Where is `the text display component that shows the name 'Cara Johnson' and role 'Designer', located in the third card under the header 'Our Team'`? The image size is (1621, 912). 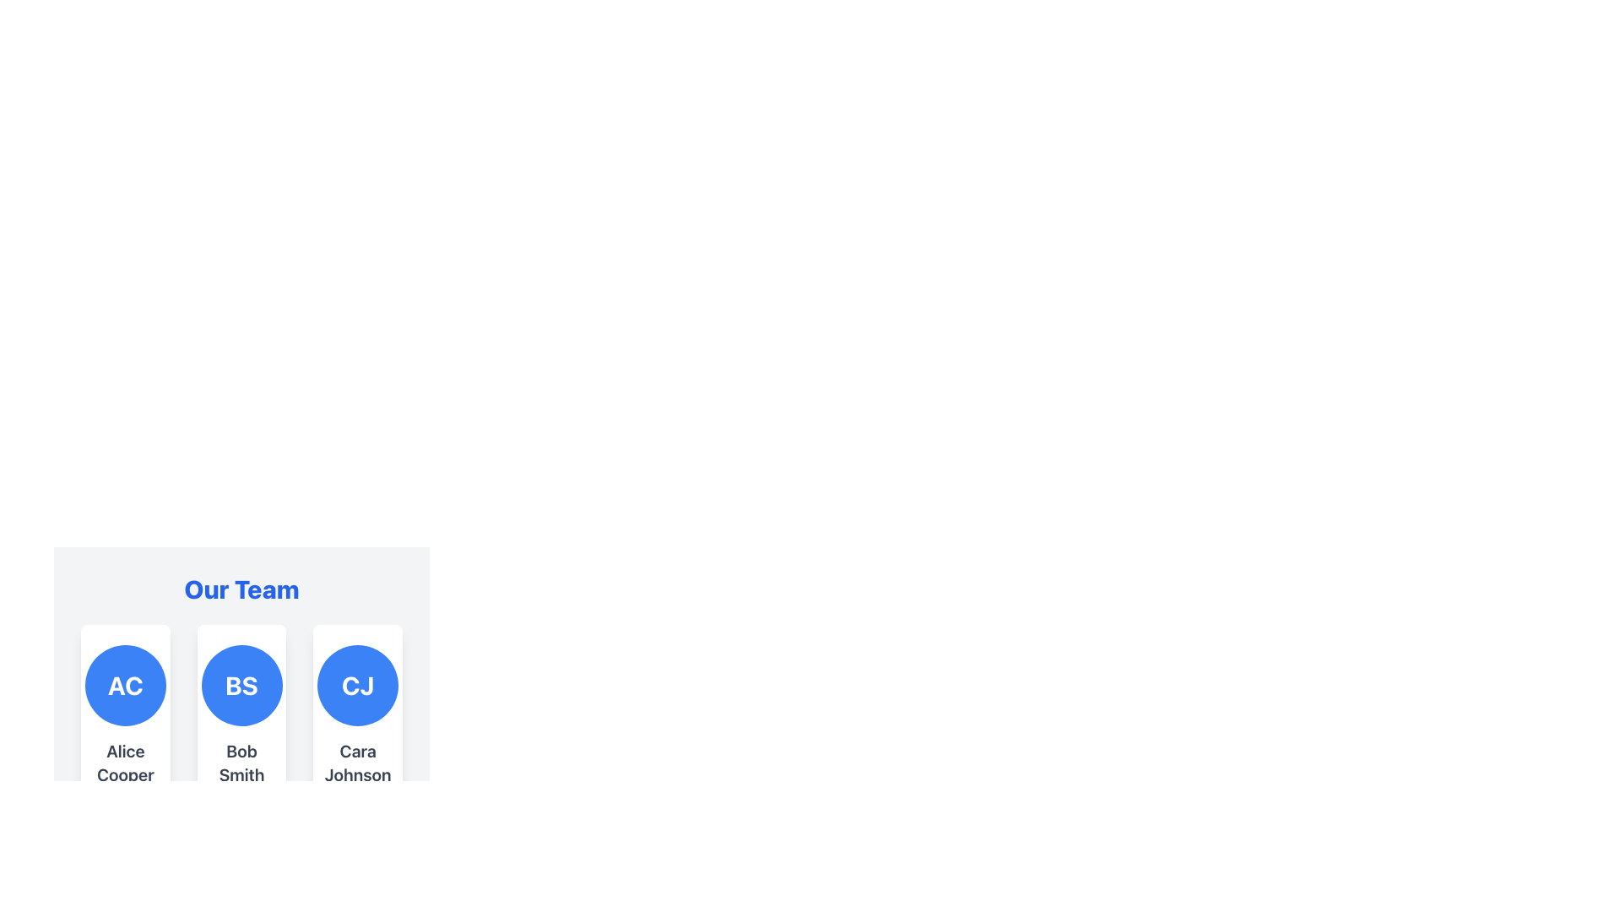
the text display component that shows the name 'Cara Johnson' and role 'Designer', located in the third card under the header 'Our Team' is located at coordinates (357, 773).